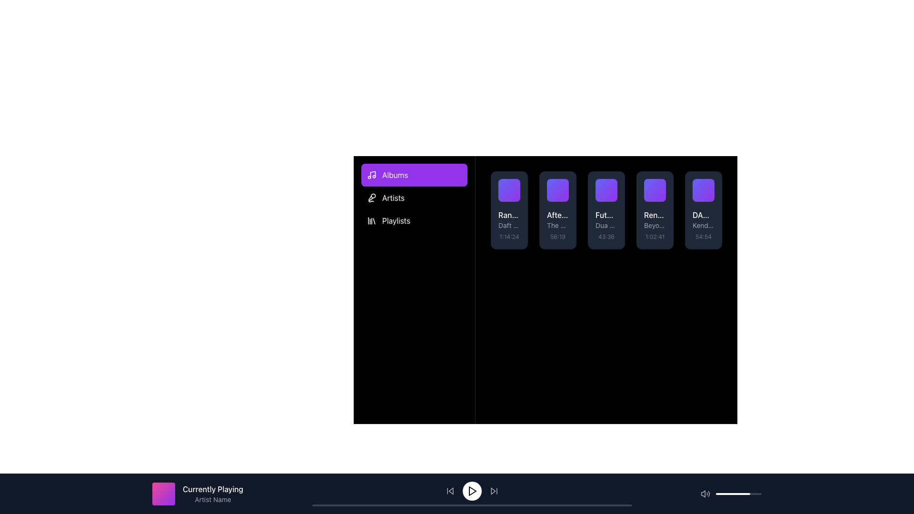  Describe the element at coordinates (703, 493) in the screenshot. I see `on the volume control icon resembling a speaker with soundwaves located in the bottom interface of the application` at that location.